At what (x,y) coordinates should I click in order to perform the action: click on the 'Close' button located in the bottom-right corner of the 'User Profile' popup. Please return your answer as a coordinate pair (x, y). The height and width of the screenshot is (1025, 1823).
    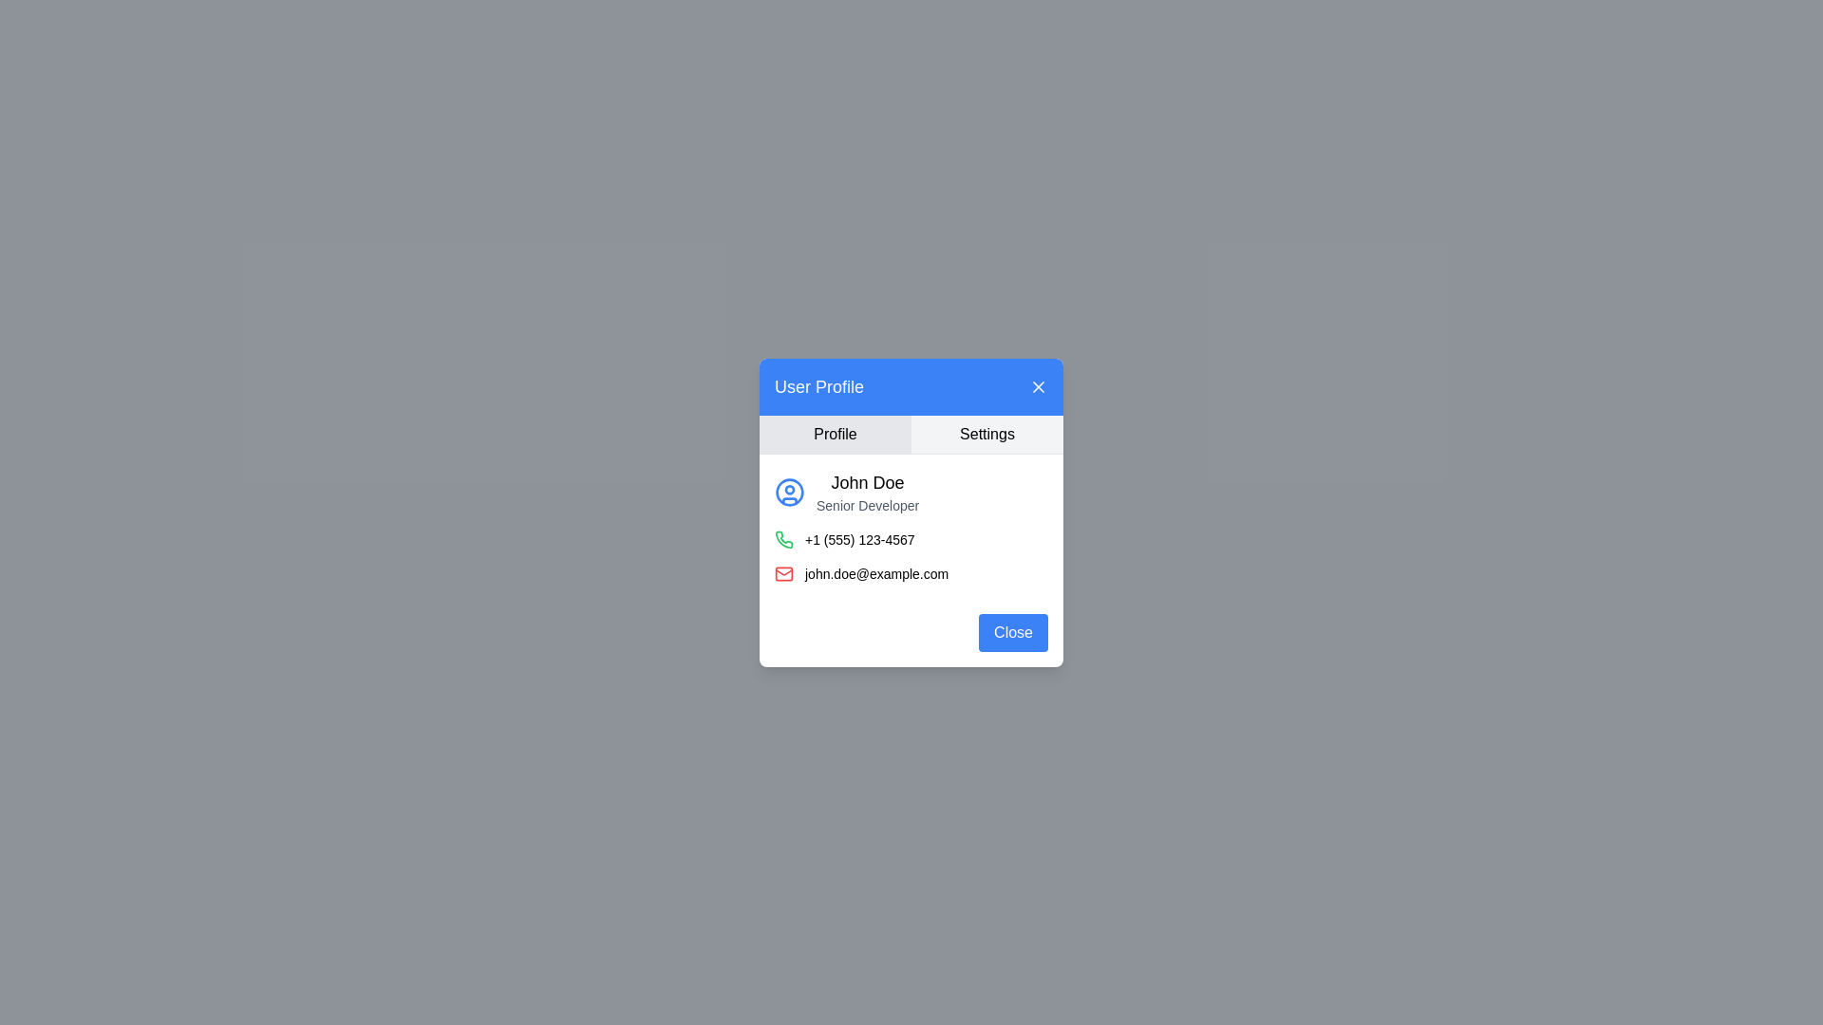
    Looking at the image, I should click on (1012, 632).